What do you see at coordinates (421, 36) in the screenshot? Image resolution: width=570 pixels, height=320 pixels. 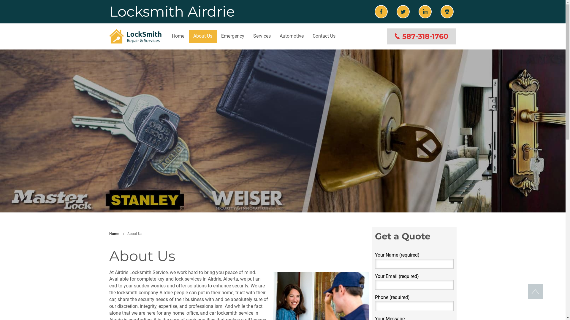 I see `'587-318-1760'` at bounding box center [421, 36].